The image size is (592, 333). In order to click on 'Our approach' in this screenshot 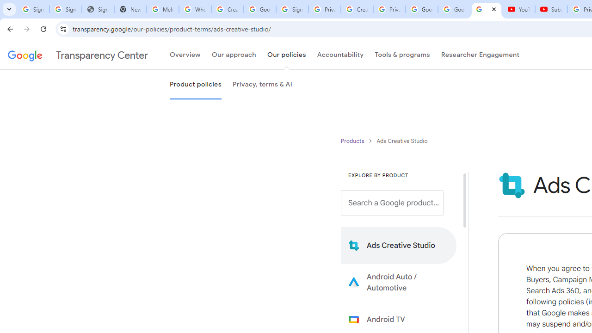, I will do `click(234, 55)`.